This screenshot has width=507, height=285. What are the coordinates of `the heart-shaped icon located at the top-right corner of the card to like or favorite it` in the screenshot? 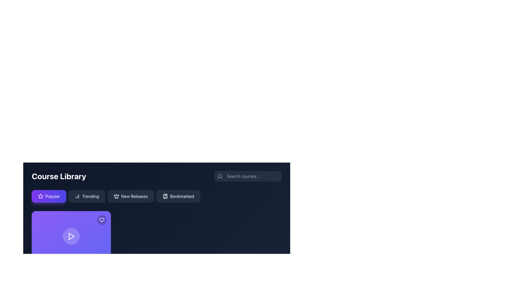 It's located at (102, 220).